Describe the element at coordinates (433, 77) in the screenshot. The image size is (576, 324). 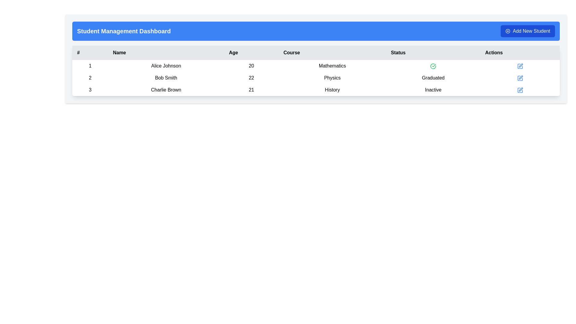
I see `the status indicator text label for 'Bob Smith' in the 'Status' column, which indicates that he has graduated` at that location.